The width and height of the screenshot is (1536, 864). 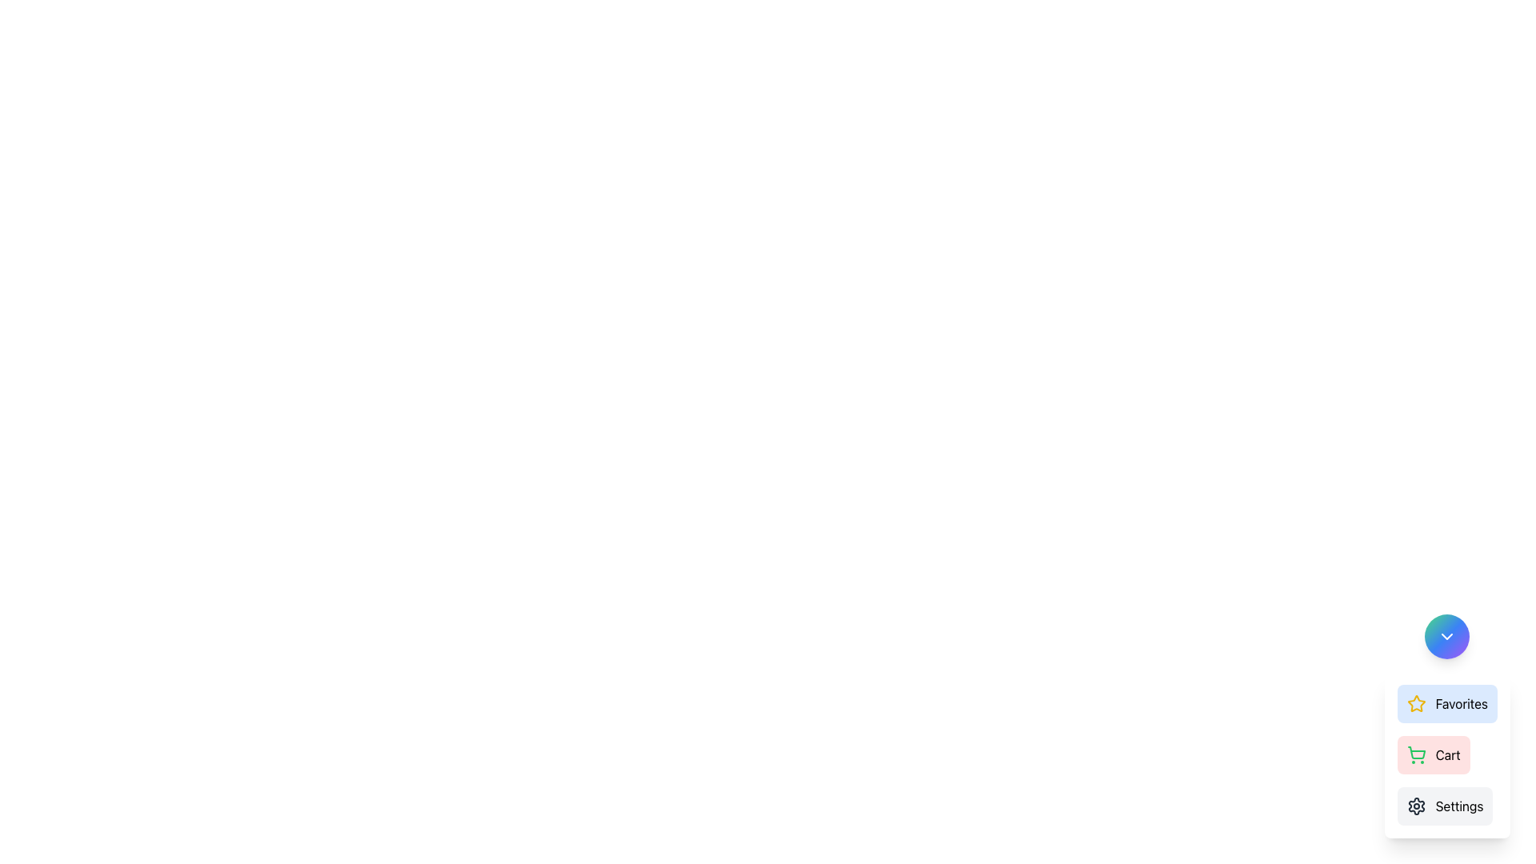 What do you see at coordinates (1416, 753) in the screenshot?
I see `the shopping cart icon, which is outlined in green on a pink background, located in the 'Cart' option of the vertical menu, positioned between 'Favorites' and 'Settings'` at bounding box center [1416, 753].